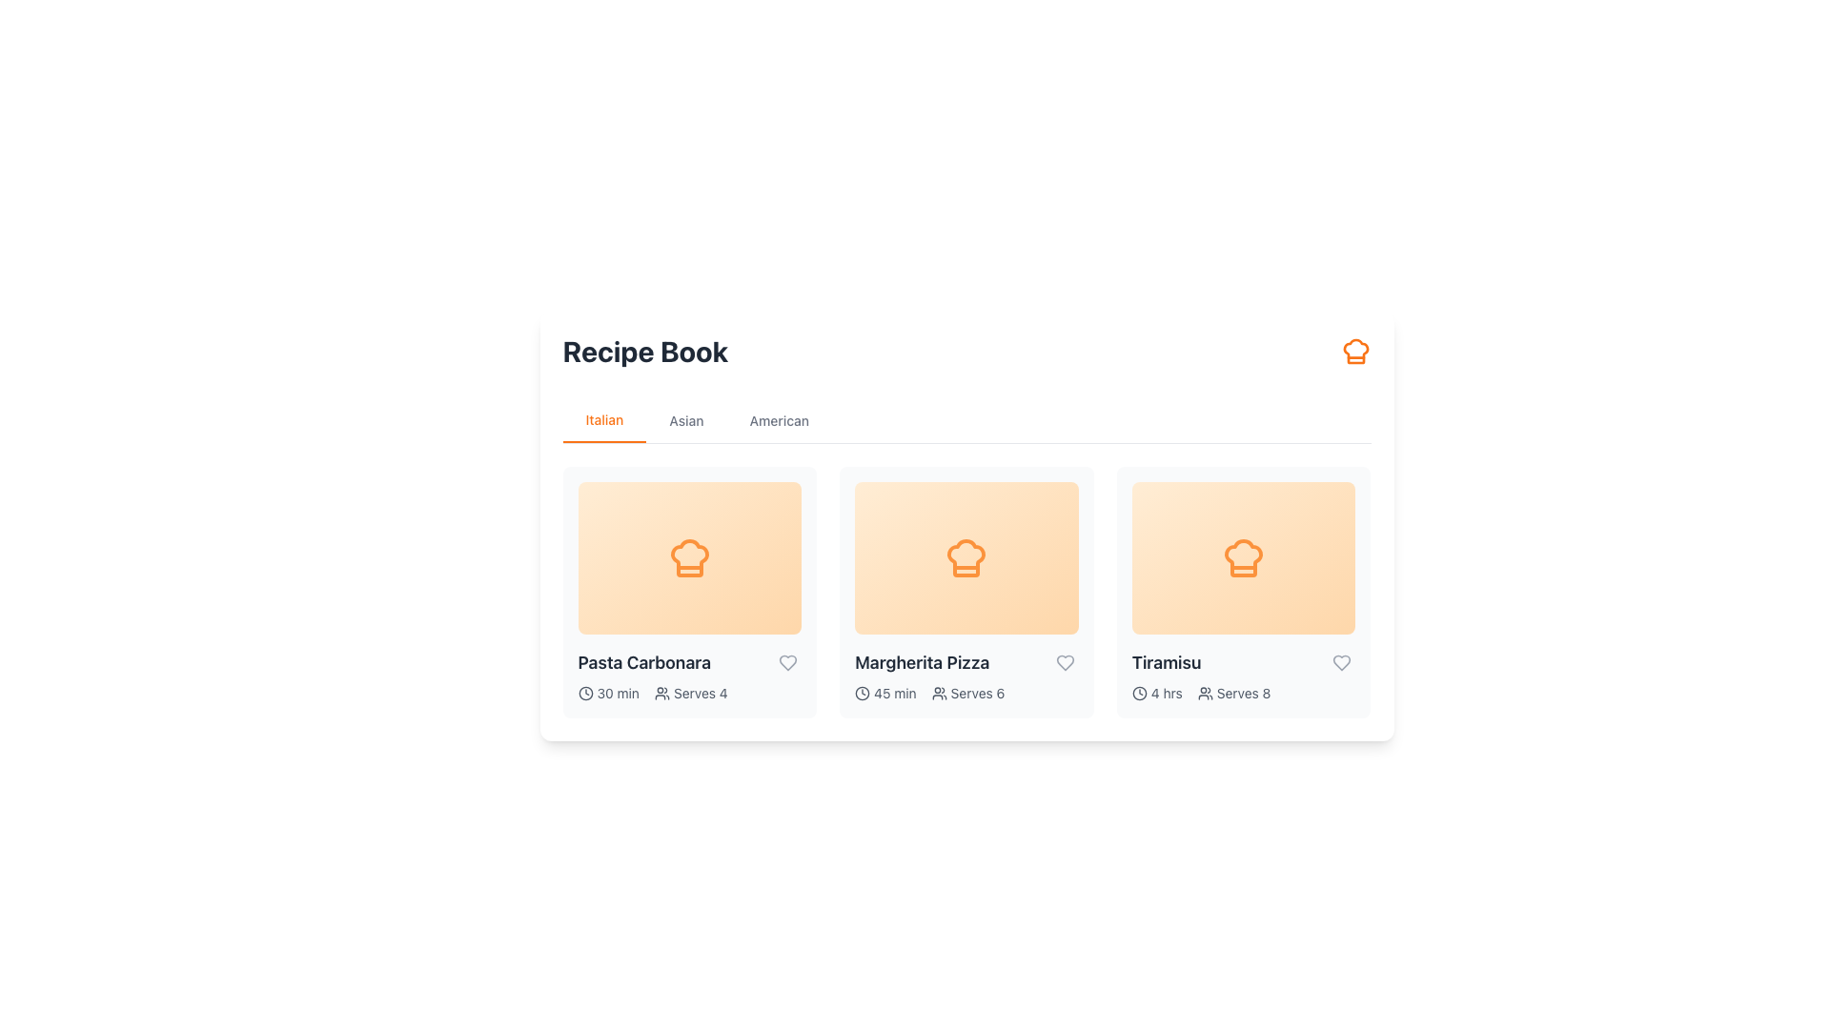 The image size is (1830, 1029). Describe the element at coordinates (1204, 694) in the screenshot. I see `the icon representing a group of people, which is positioned before the text 'Serves 8' in the lower section of the 'Tiramisu' card` at that location.